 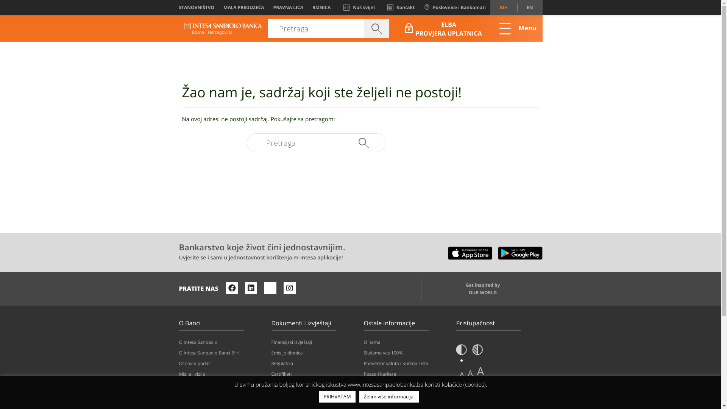 What do you see at coordinates (221, 363) in the screenshot?
I see `'Osnovni podaci'` at bounding box center [221, 363].